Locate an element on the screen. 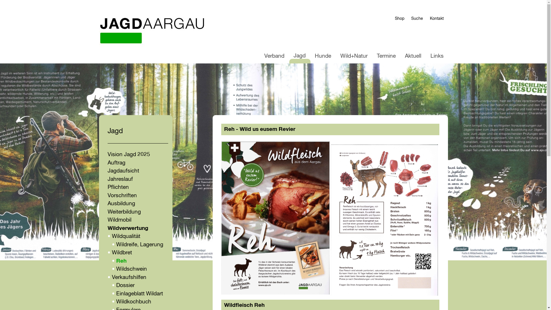 The height and width of the screenshot is (310, 551). 'Shop' is located at coordinates (395, 18).